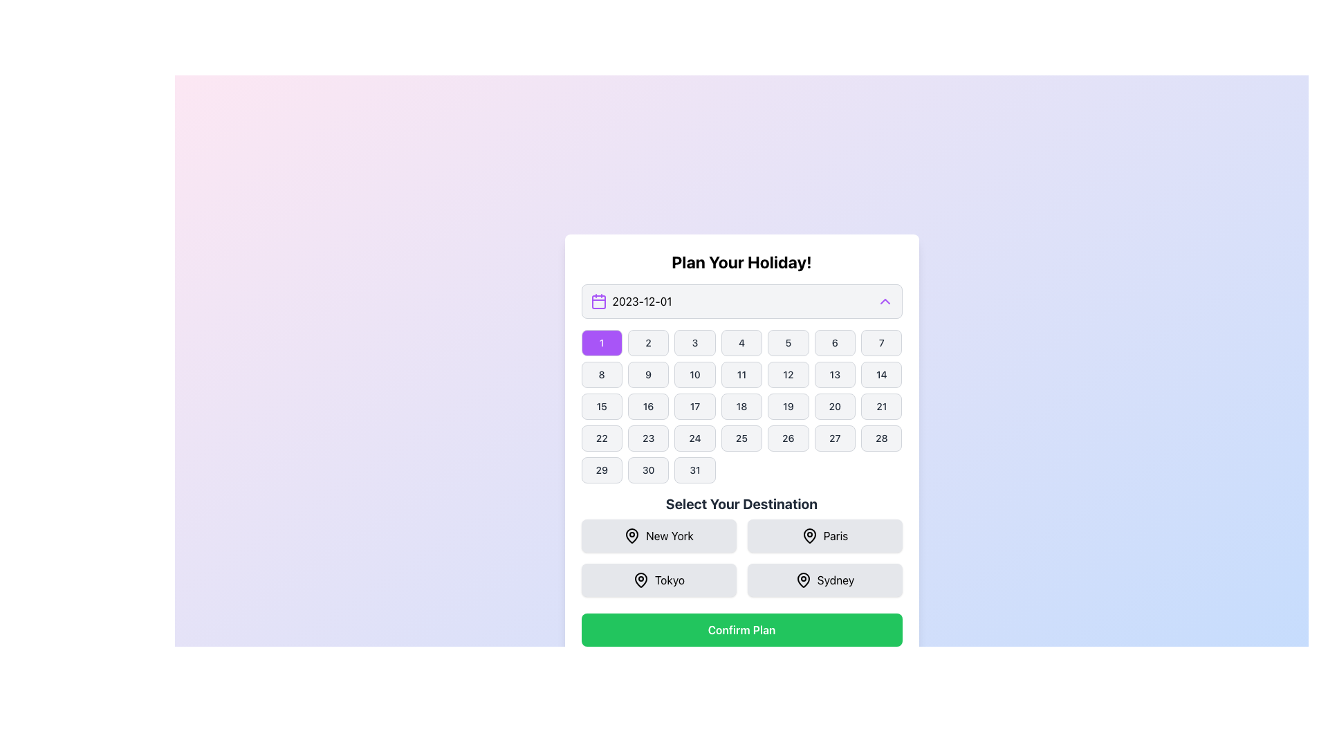  What do you see at coordinates (880, 375) in the screenshot?
I see `the day '14' button in the calendar widget` at bounding box center [880, 375].